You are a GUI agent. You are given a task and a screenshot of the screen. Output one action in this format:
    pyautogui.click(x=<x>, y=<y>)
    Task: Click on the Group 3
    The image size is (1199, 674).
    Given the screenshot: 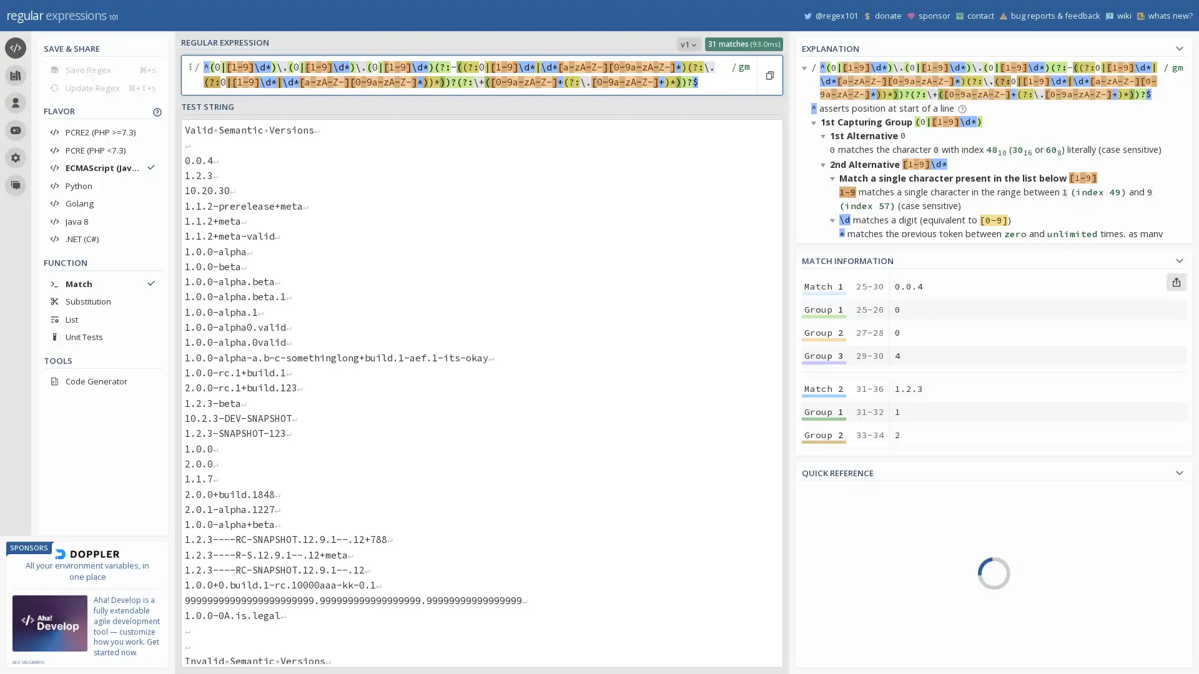 What is the action you would take?
    pyautogui.click(x=824, y=457)
    